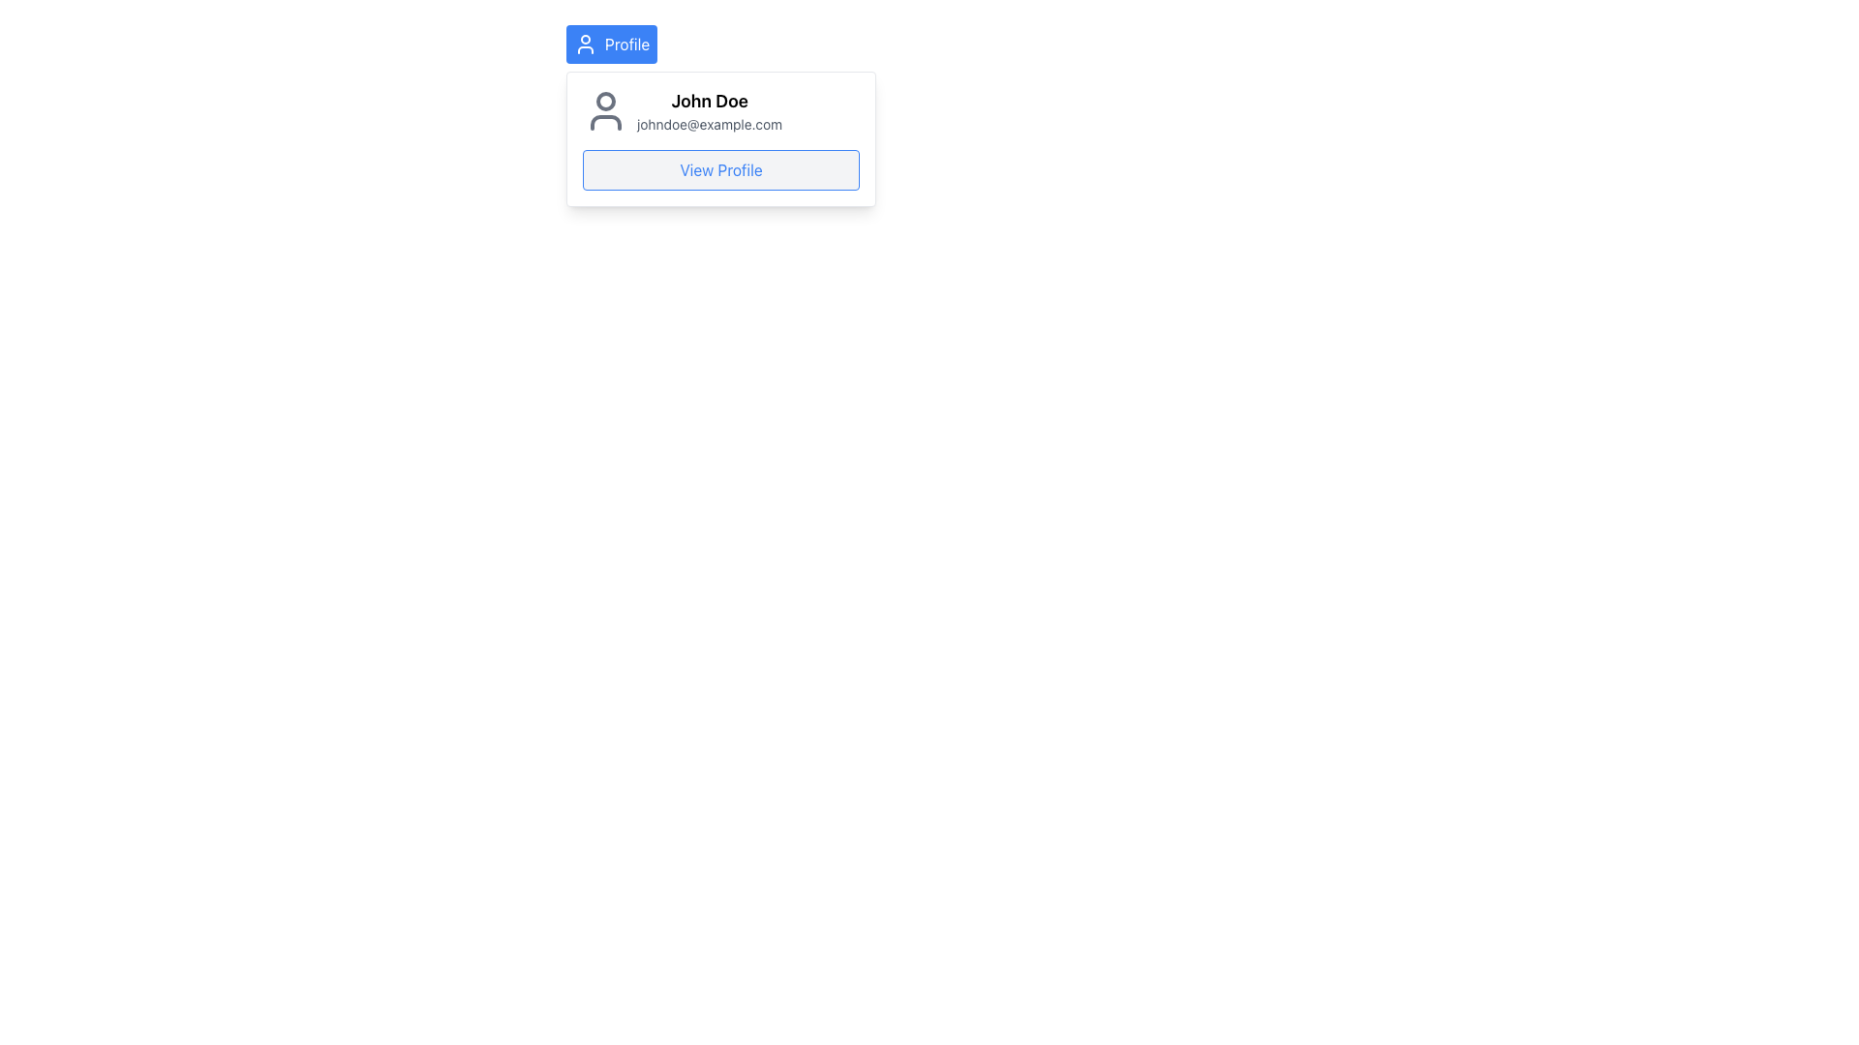  Describe the element at coordinates (719, 169) in the screenshot. I see `the button that accesses the profile details of 'John Doe' to observe the hover effects` at that location.